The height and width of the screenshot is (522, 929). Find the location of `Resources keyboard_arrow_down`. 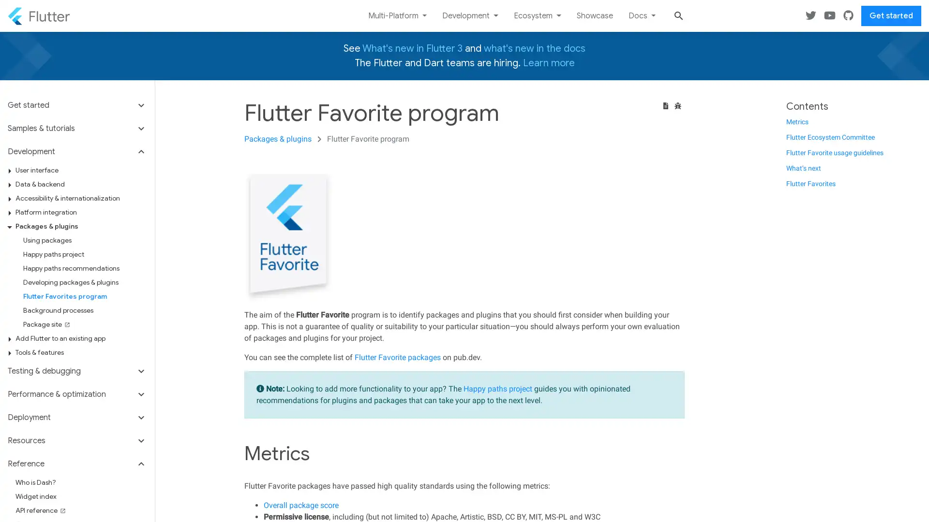

Resources keyboard_arrow_down is located at coordinates (76, 440).